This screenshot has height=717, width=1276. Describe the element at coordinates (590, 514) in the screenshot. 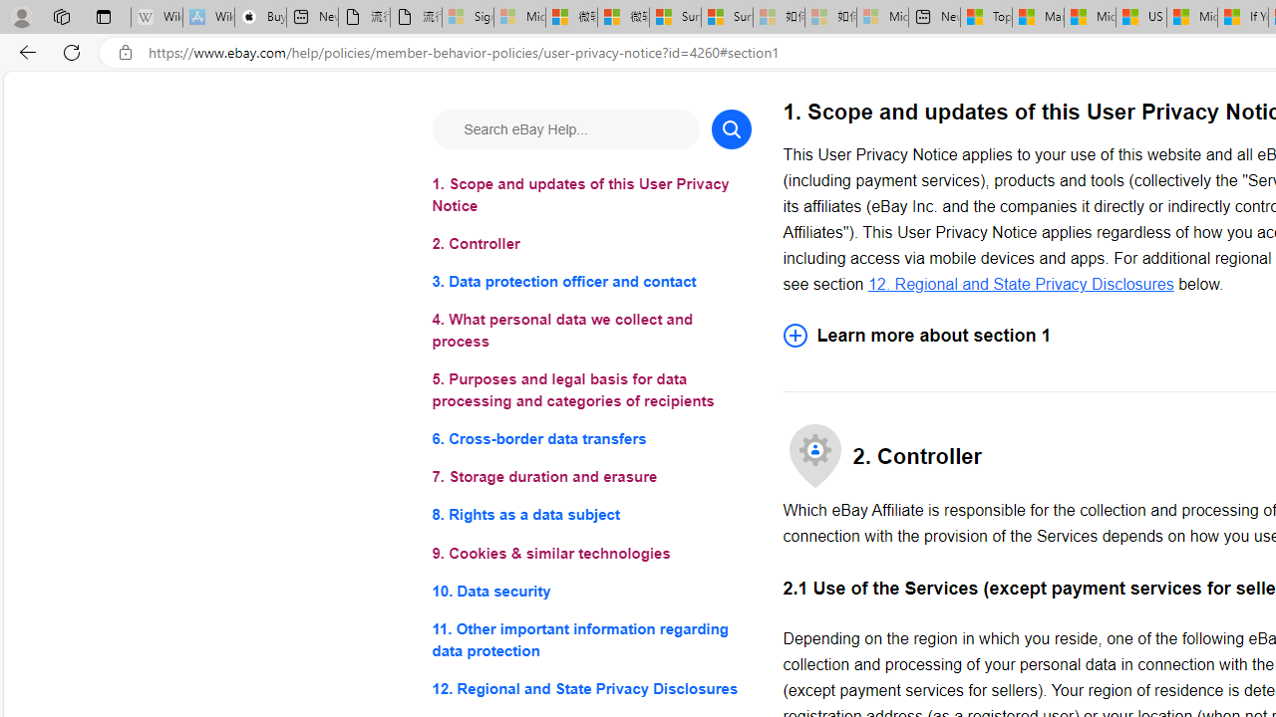

I see `'8. Rights as a data subject'` at that location.